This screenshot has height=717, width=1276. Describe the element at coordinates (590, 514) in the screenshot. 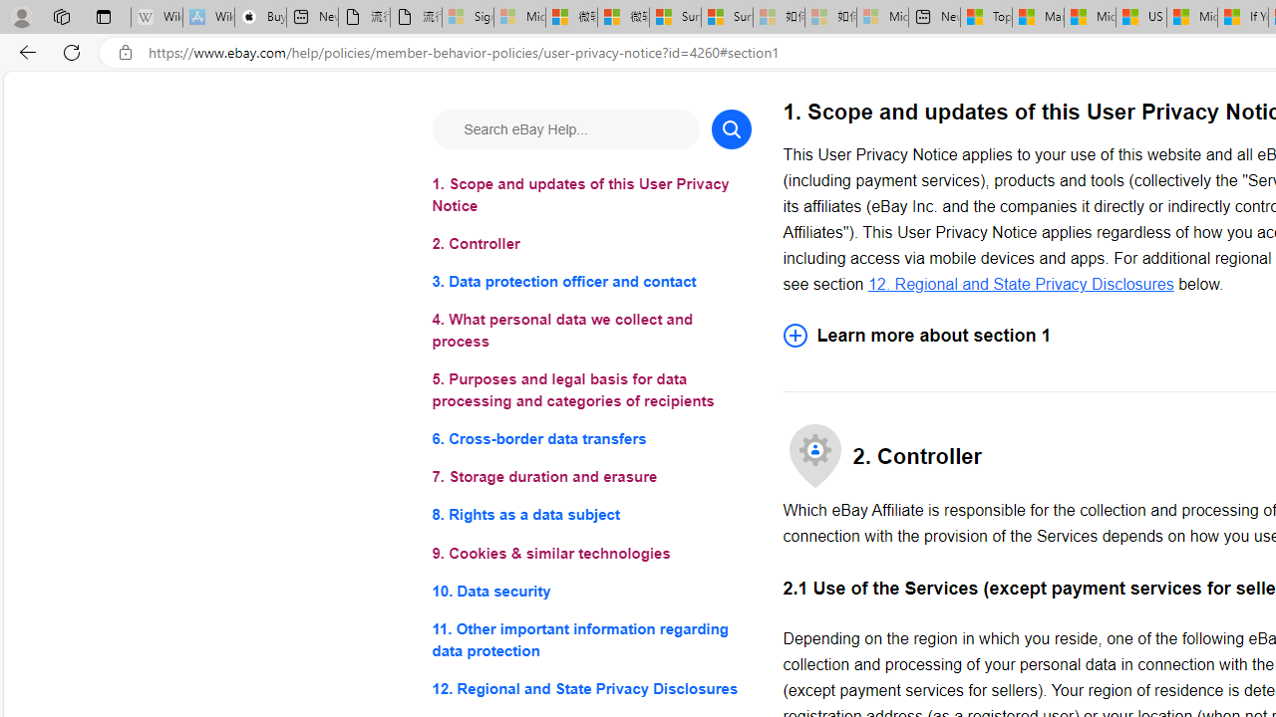

I see `'8. Rights as a data subject'` at that location.